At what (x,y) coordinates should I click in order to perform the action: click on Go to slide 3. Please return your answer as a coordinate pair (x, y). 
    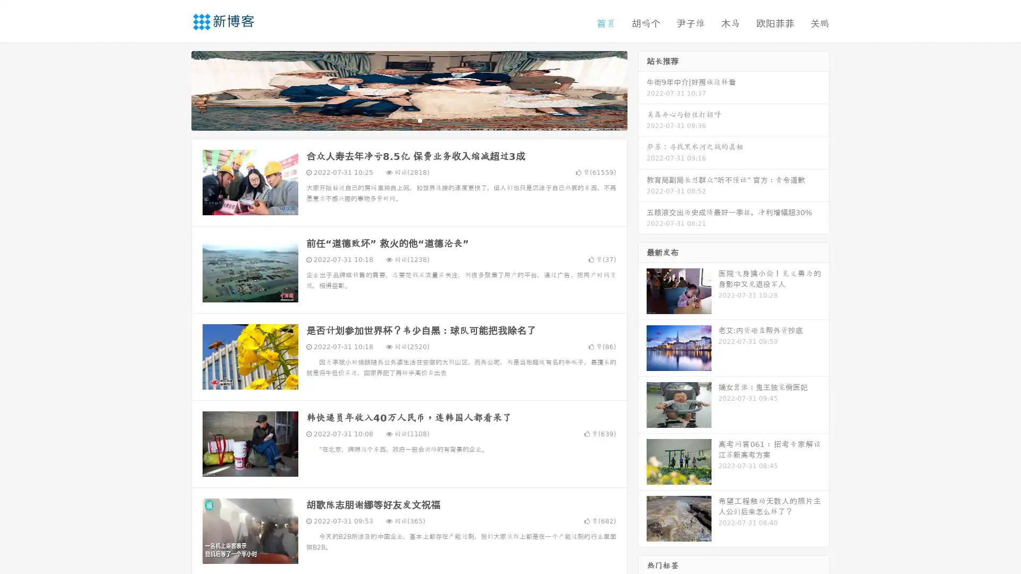
    Looking at the image, I should click on (420, 120).